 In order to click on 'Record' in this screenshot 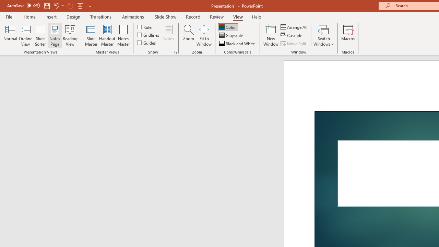, I will do `click(192, 16)`.